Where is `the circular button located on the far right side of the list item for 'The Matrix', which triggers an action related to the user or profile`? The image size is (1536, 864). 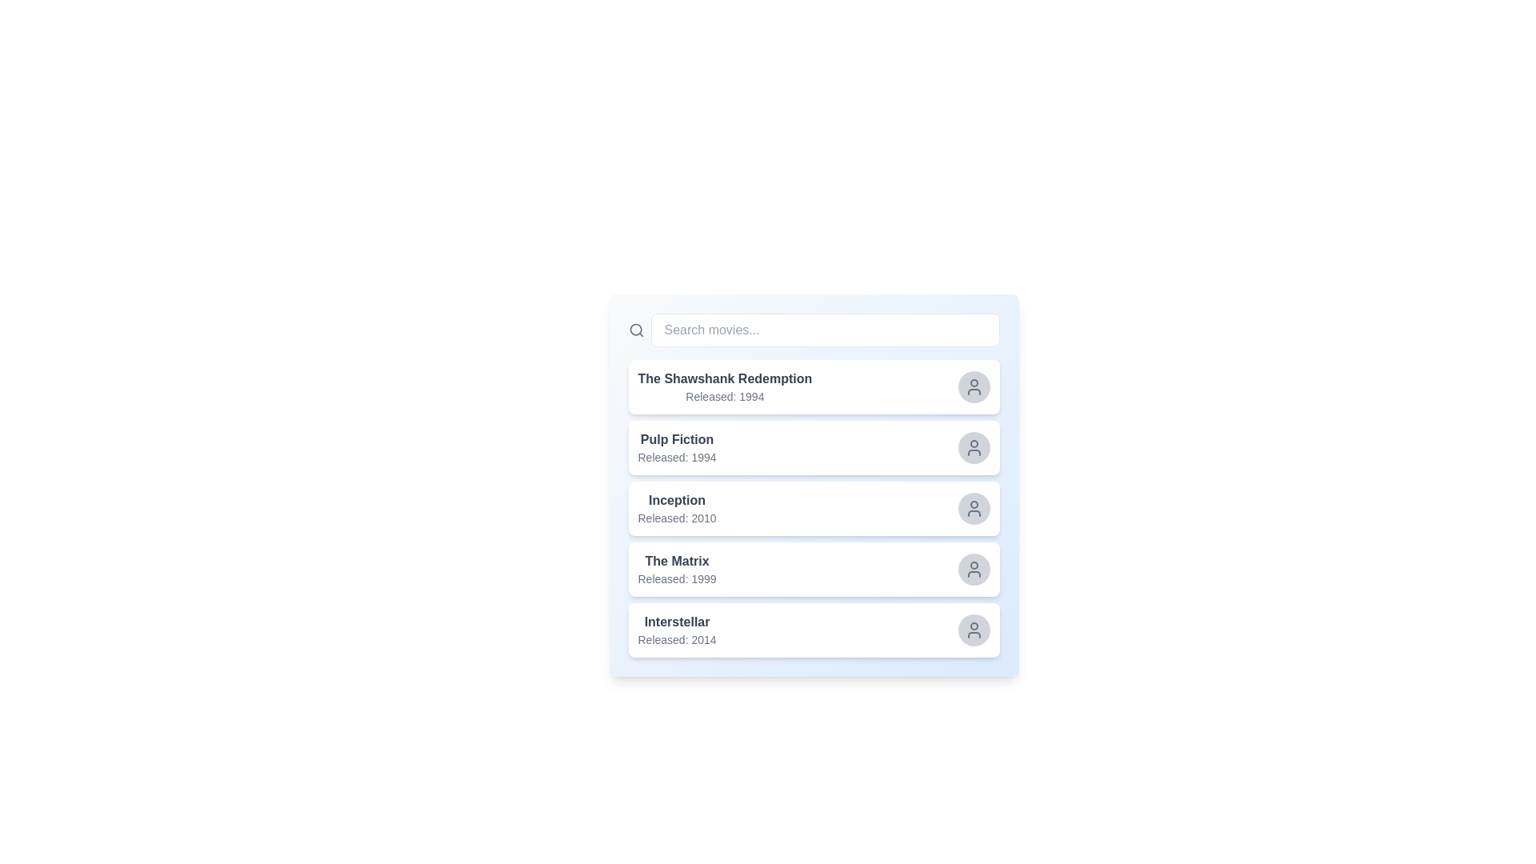 the circular button located on the far right side of the list item for 'The Matrix', which triggers an action related to the user or profile is located at coordinates (973, 569).